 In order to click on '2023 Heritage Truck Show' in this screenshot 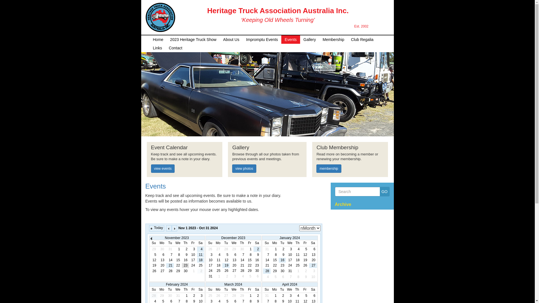, I will do `click(166, 39)`.